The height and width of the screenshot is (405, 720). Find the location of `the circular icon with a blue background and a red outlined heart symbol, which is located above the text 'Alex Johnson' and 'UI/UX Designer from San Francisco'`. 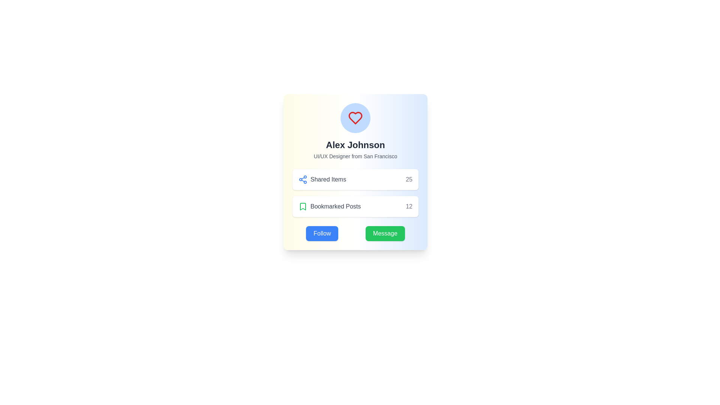

the circular icon with a blue background and a red outlined heart symbol, which is located above the text 'Alex Johnson' and 'UI/UX Designer from San Francisco' is located at coordinates (355, 118).